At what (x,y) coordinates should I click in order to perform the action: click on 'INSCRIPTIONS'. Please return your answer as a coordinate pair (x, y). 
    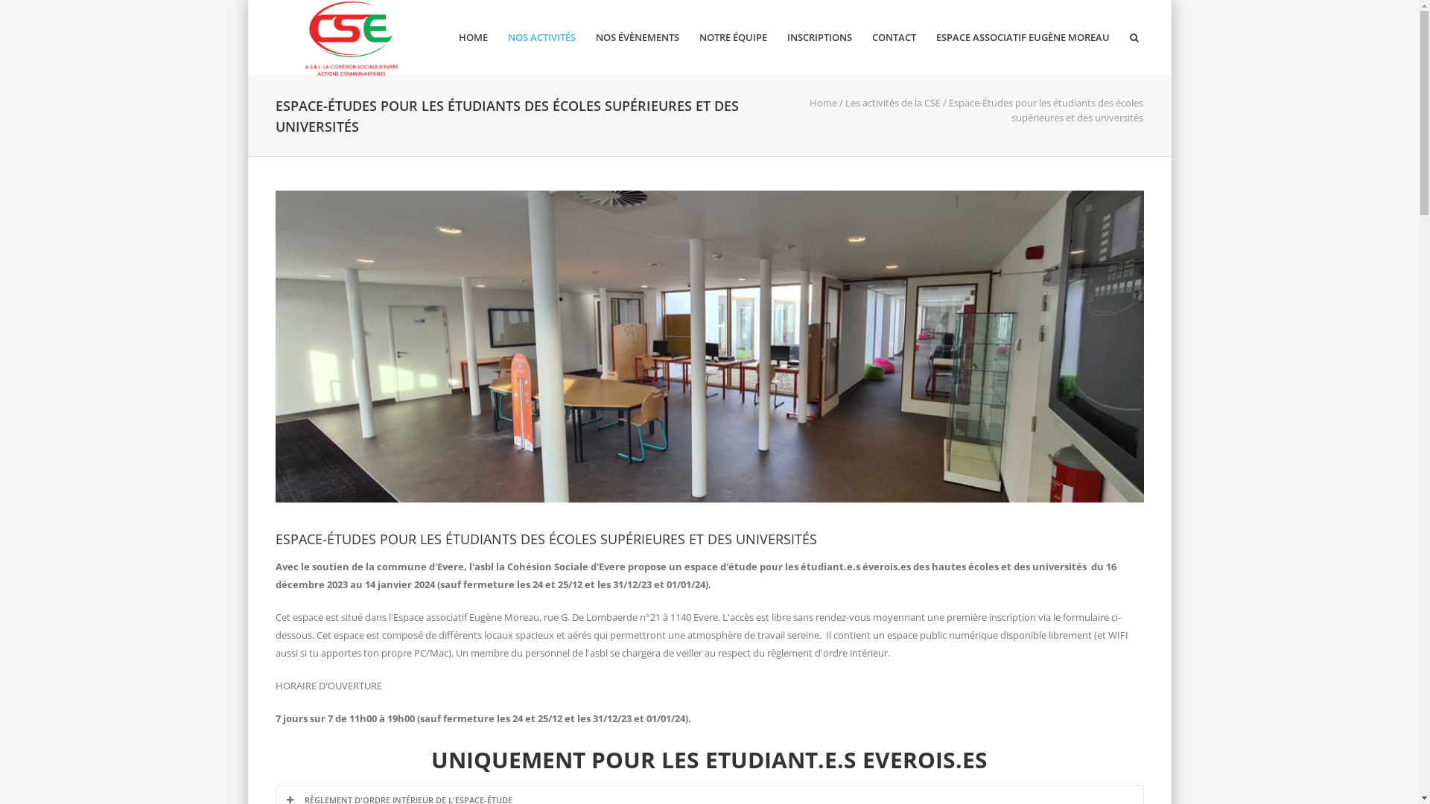
    Looking at the image, I should click on (819, 36).